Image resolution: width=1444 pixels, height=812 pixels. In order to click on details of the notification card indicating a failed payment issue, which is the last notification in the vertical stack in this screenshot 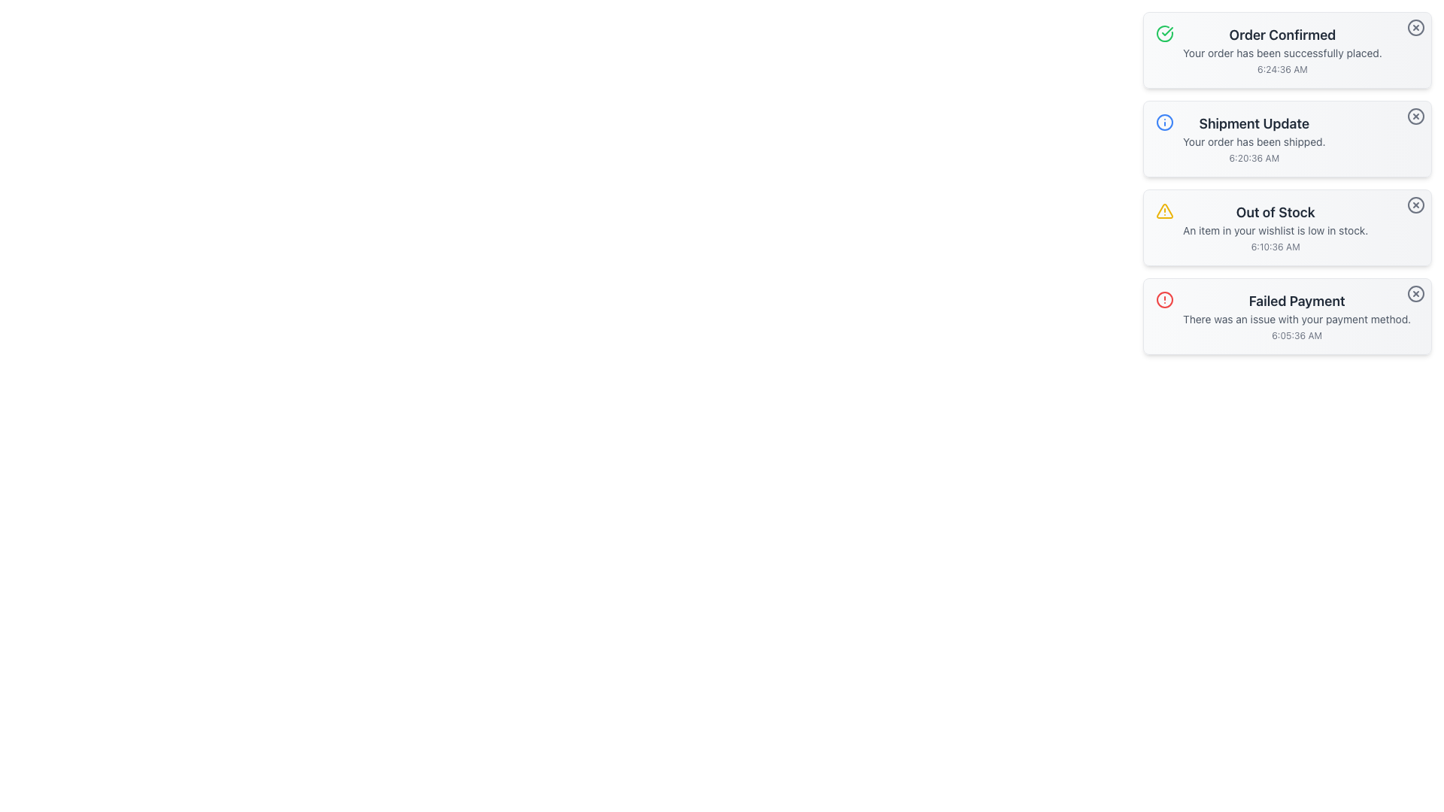, I will do `click(1287, 315)`.